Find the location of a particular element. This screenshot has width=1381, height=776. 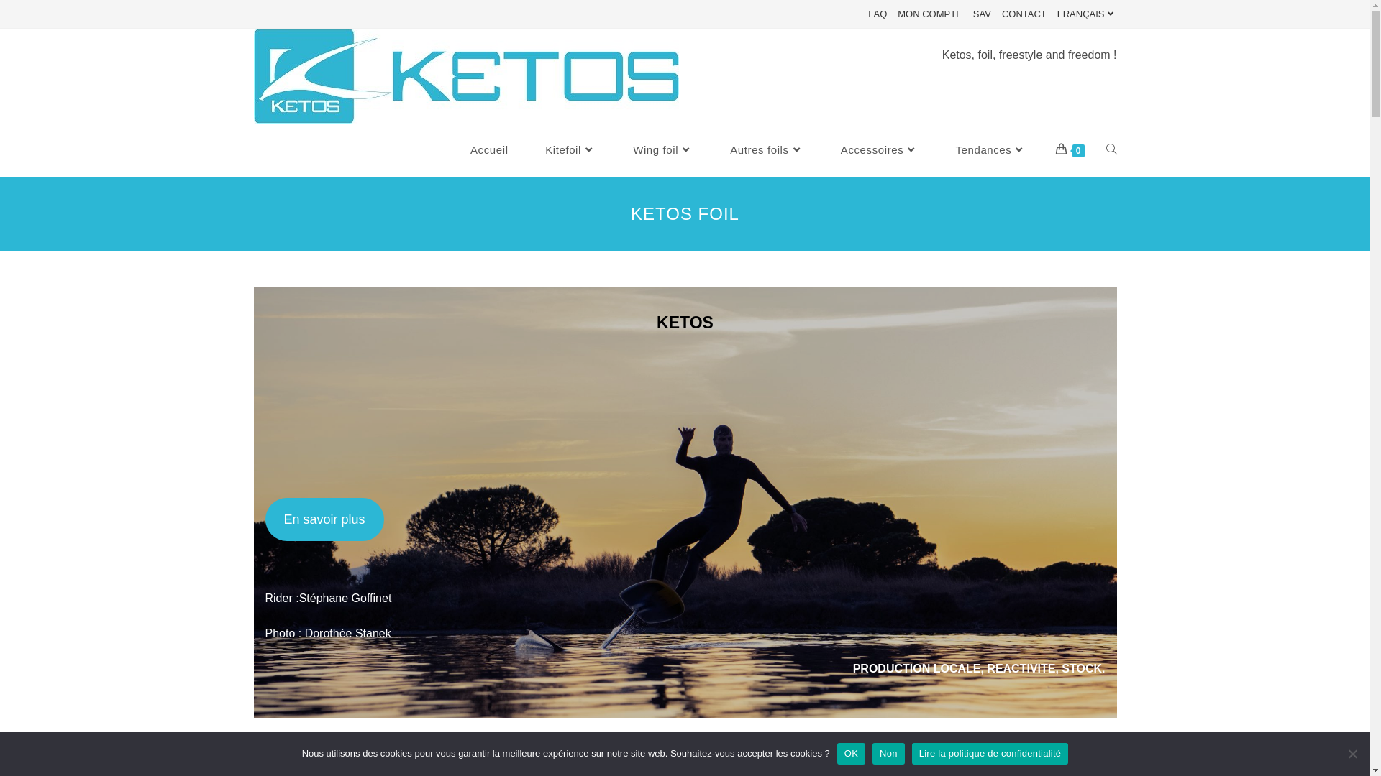

'En savoir plus' is located at coordinates (323, 519).